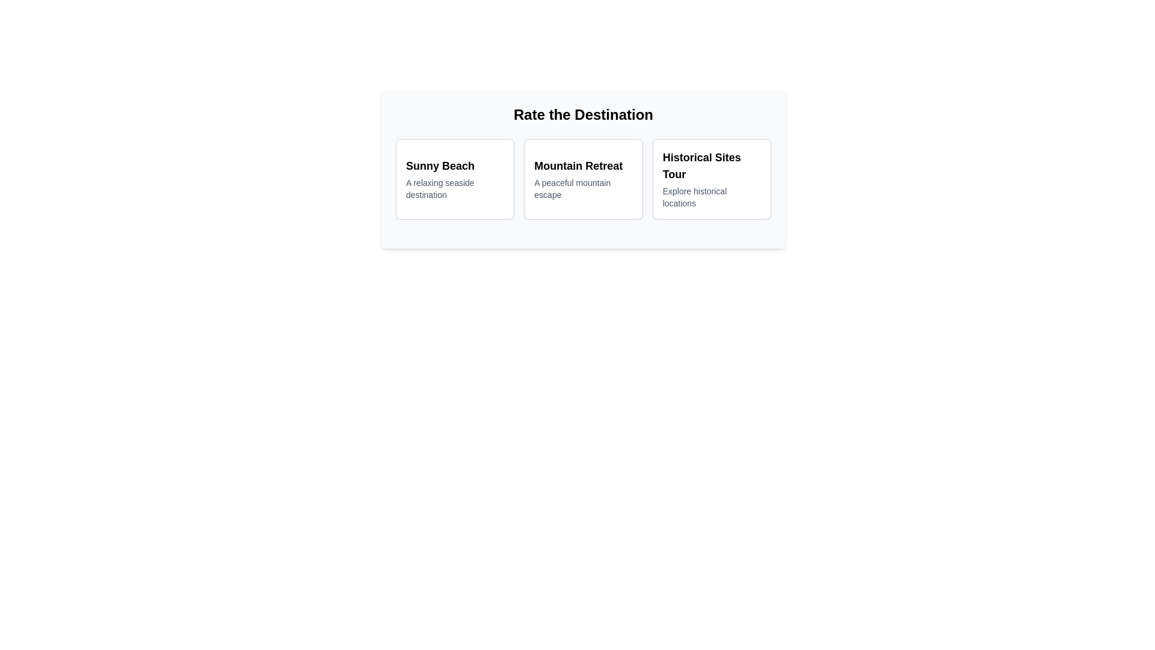 The width and height of the screenshot is (1155, 650). I want to click on the 'Mountain Retreat' card, which is the second card in the grid layout under the heading 'Rate the Destination', so click(583, 169).